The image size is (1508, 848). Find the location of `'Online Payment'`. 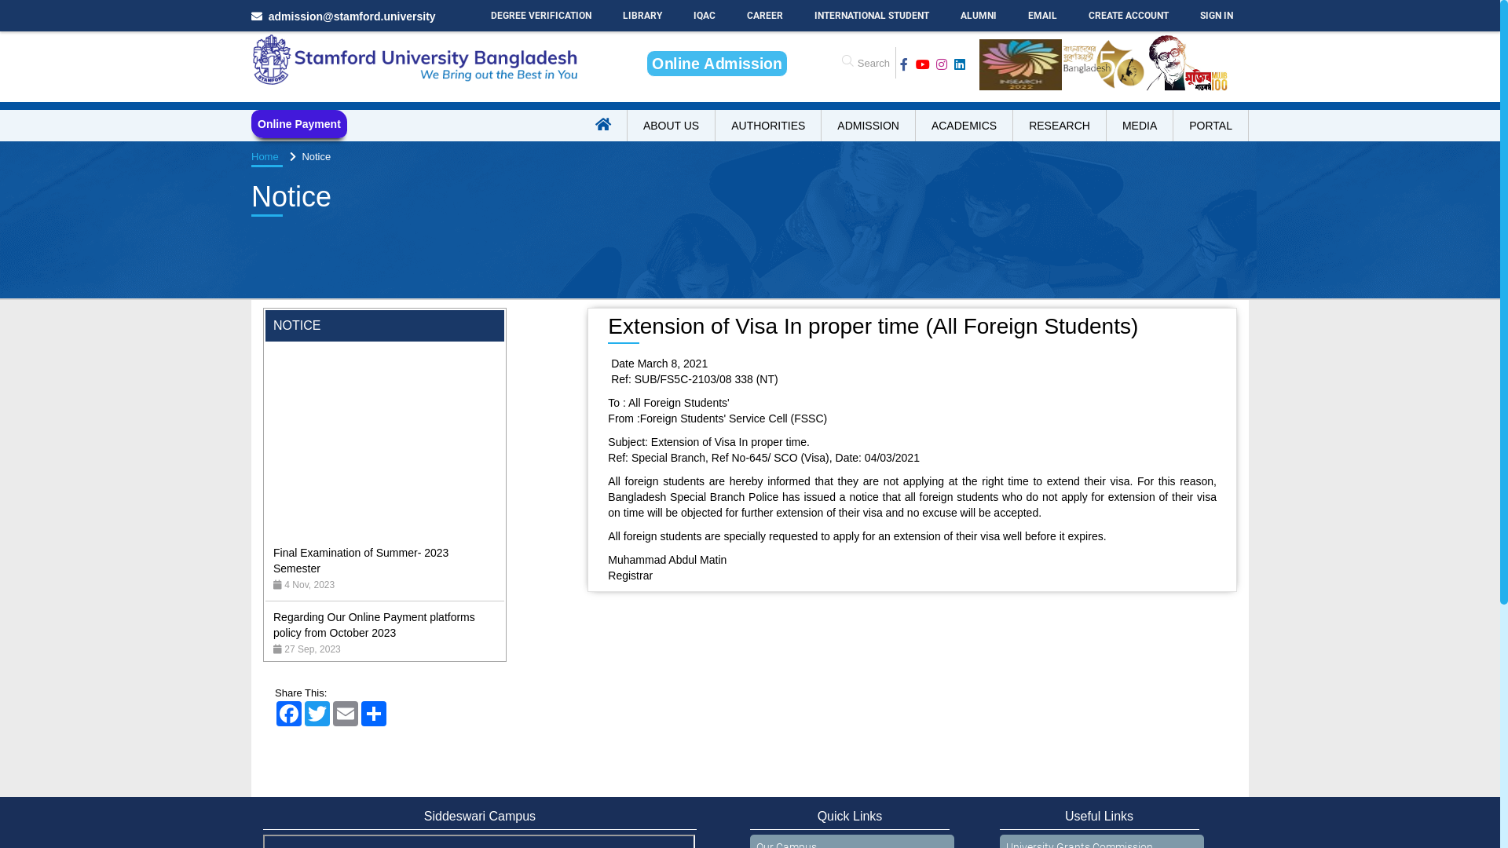

'Online Payment' is located at coordinates (298, 123).